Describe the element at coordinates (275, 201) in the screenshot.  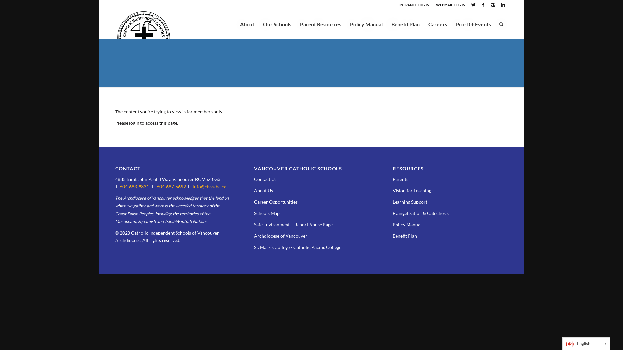
I see `'Career Opportunities'` at that location.